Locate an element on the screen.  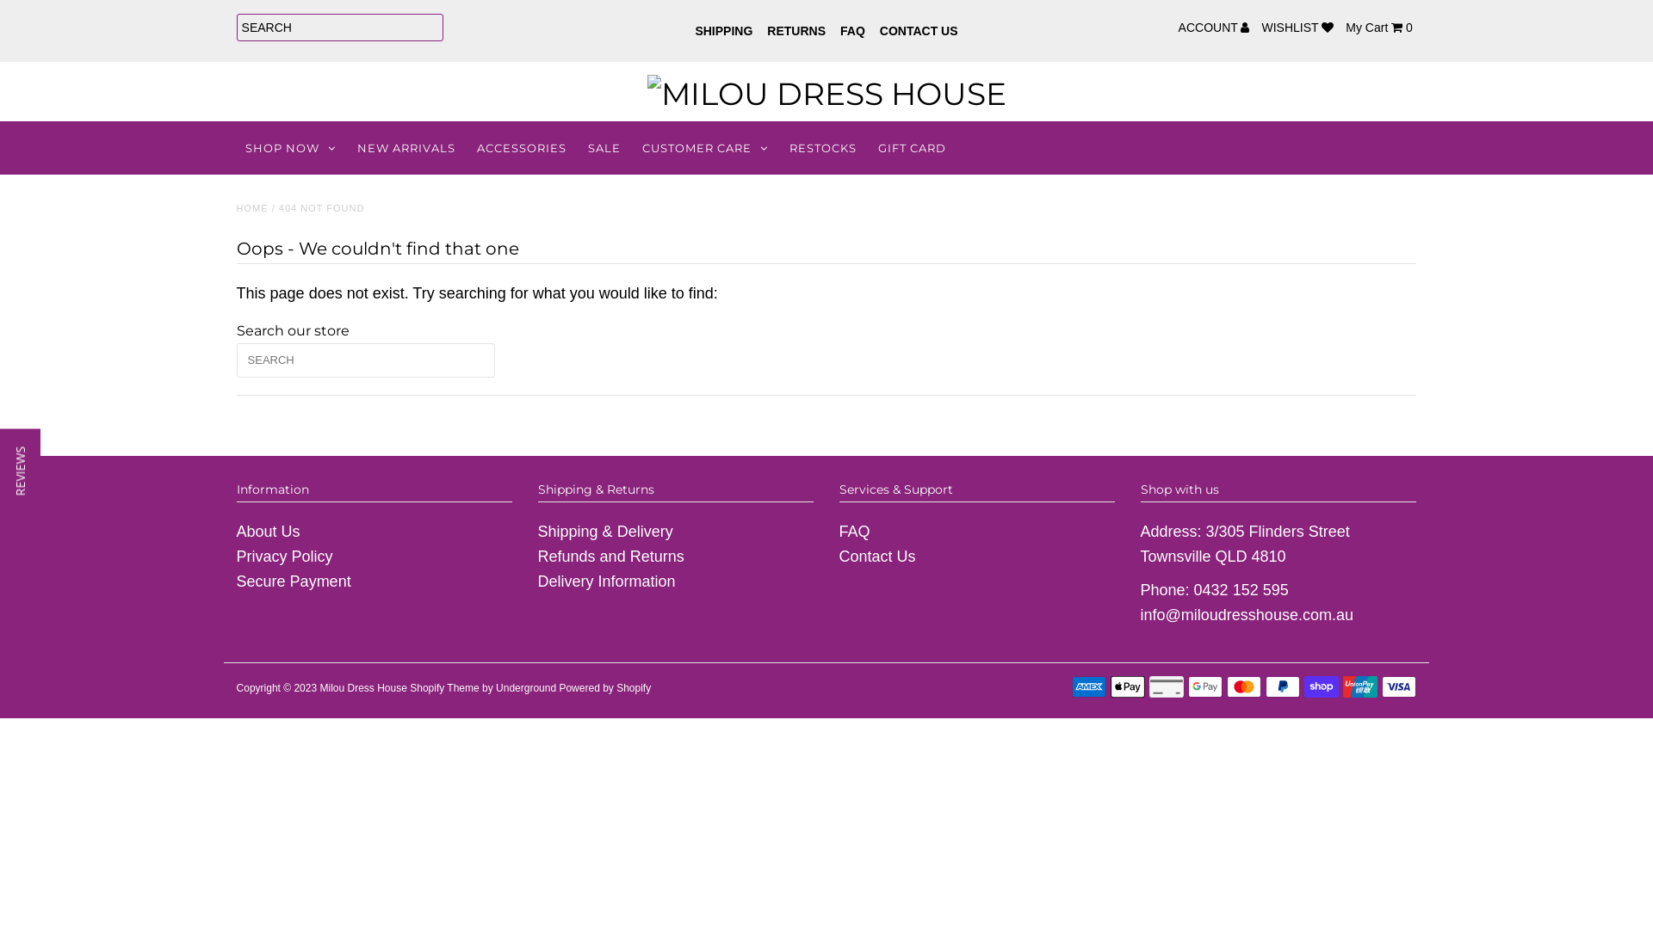
'Secure Payment' is located at coordinates (294, 581).